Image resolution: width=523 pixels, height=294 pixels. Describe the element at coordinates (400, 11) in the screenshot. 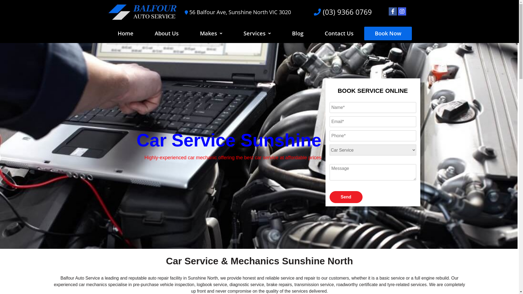

I see `'intagram'` at that location.